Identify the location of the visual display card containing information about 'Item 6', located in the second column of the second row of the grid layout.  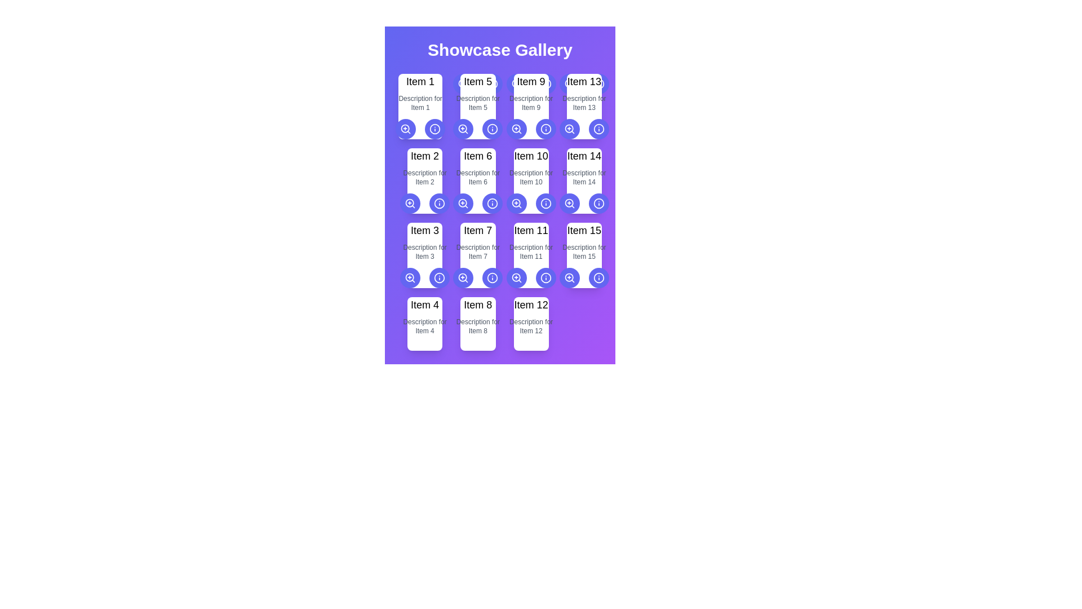
(478, 180).